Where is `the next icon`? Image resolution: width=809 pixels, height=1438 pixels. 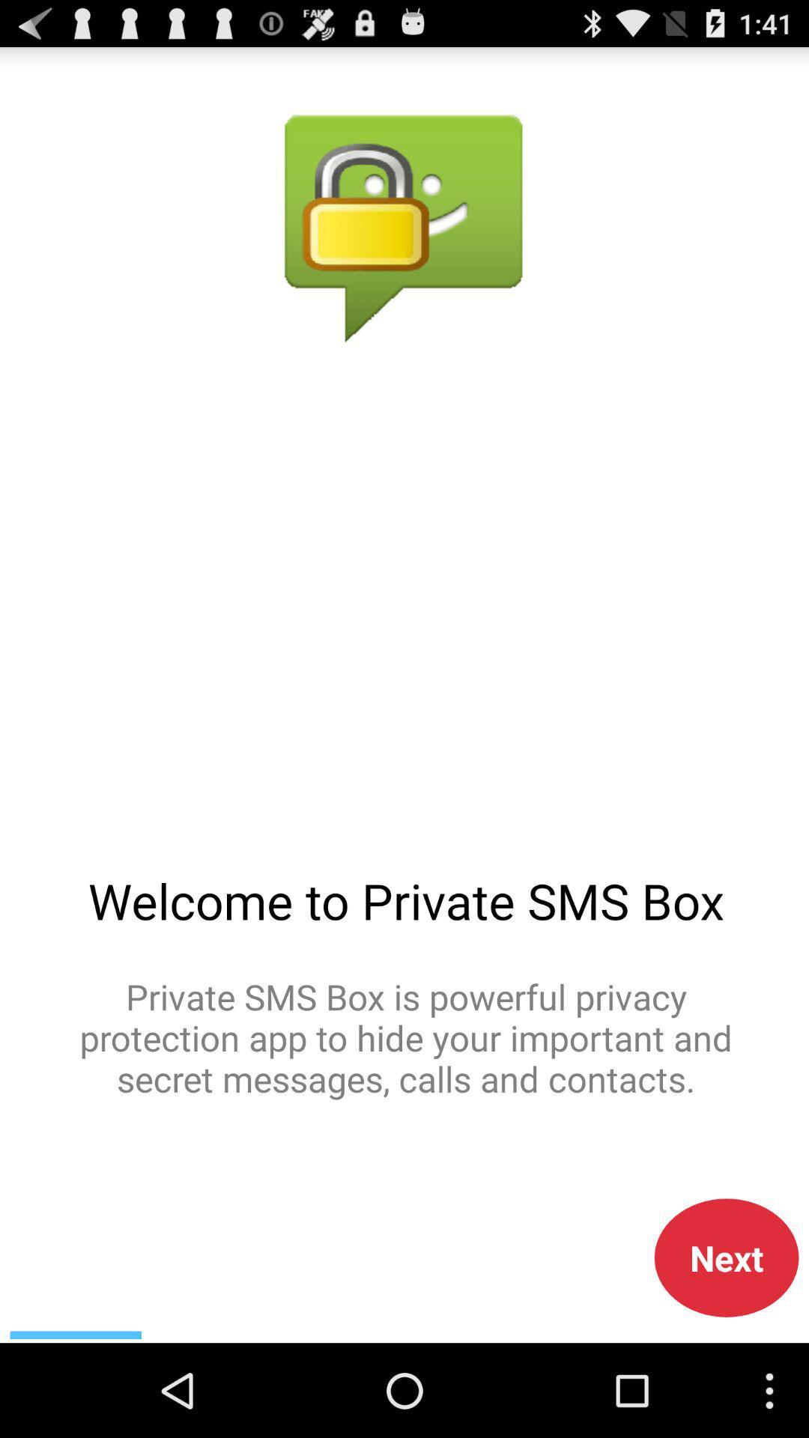
the next icon is located at coordinates (726, 1258).